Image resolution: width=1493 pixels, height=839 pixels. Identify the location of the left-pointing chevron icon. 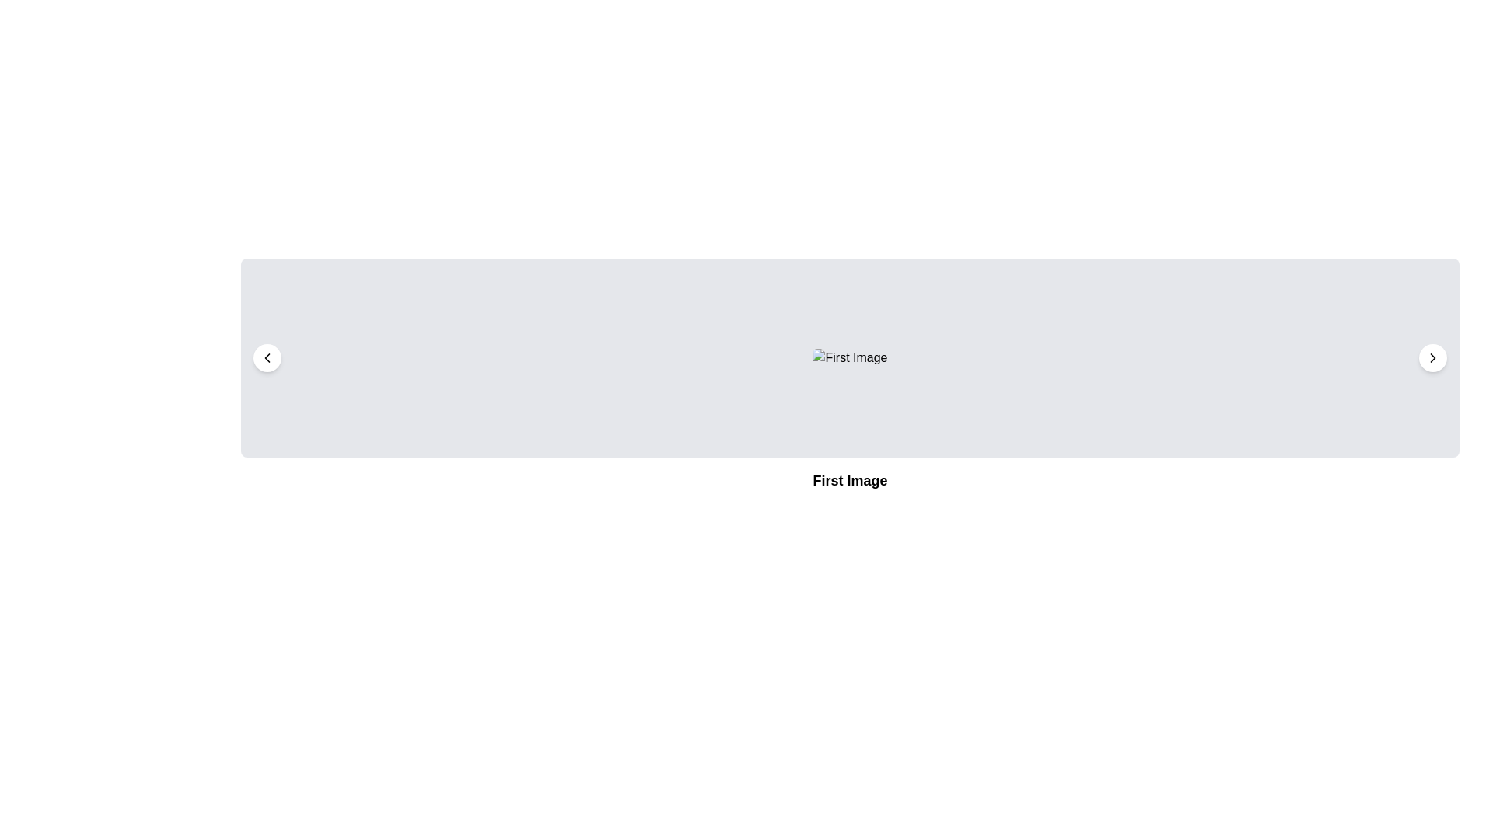
(267, 358).